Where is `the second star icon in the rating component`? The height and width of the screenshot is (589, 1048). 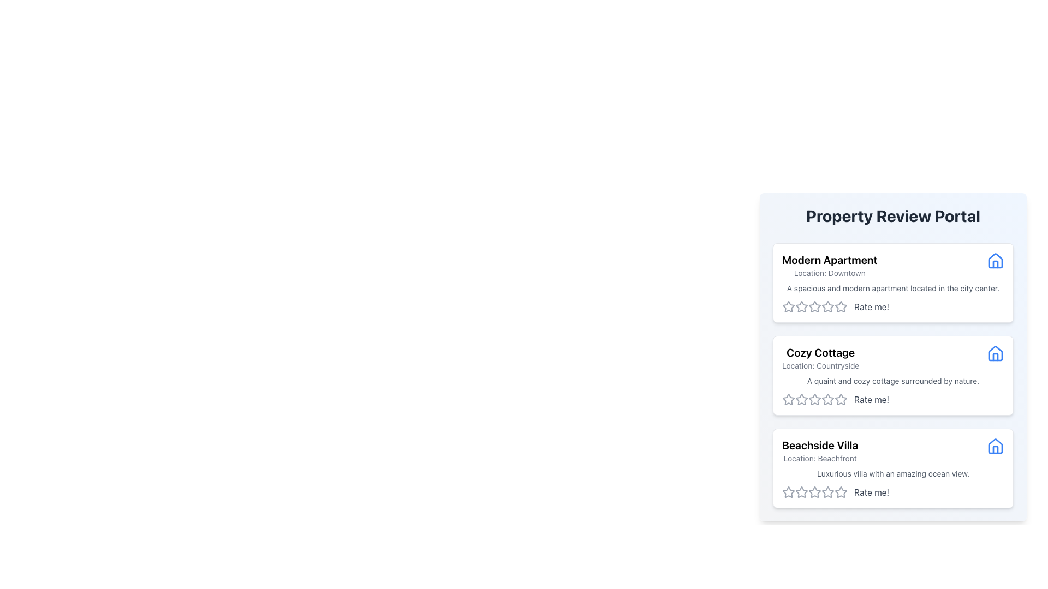
the second star icon in the rating component is located at coordinates (814, 399).